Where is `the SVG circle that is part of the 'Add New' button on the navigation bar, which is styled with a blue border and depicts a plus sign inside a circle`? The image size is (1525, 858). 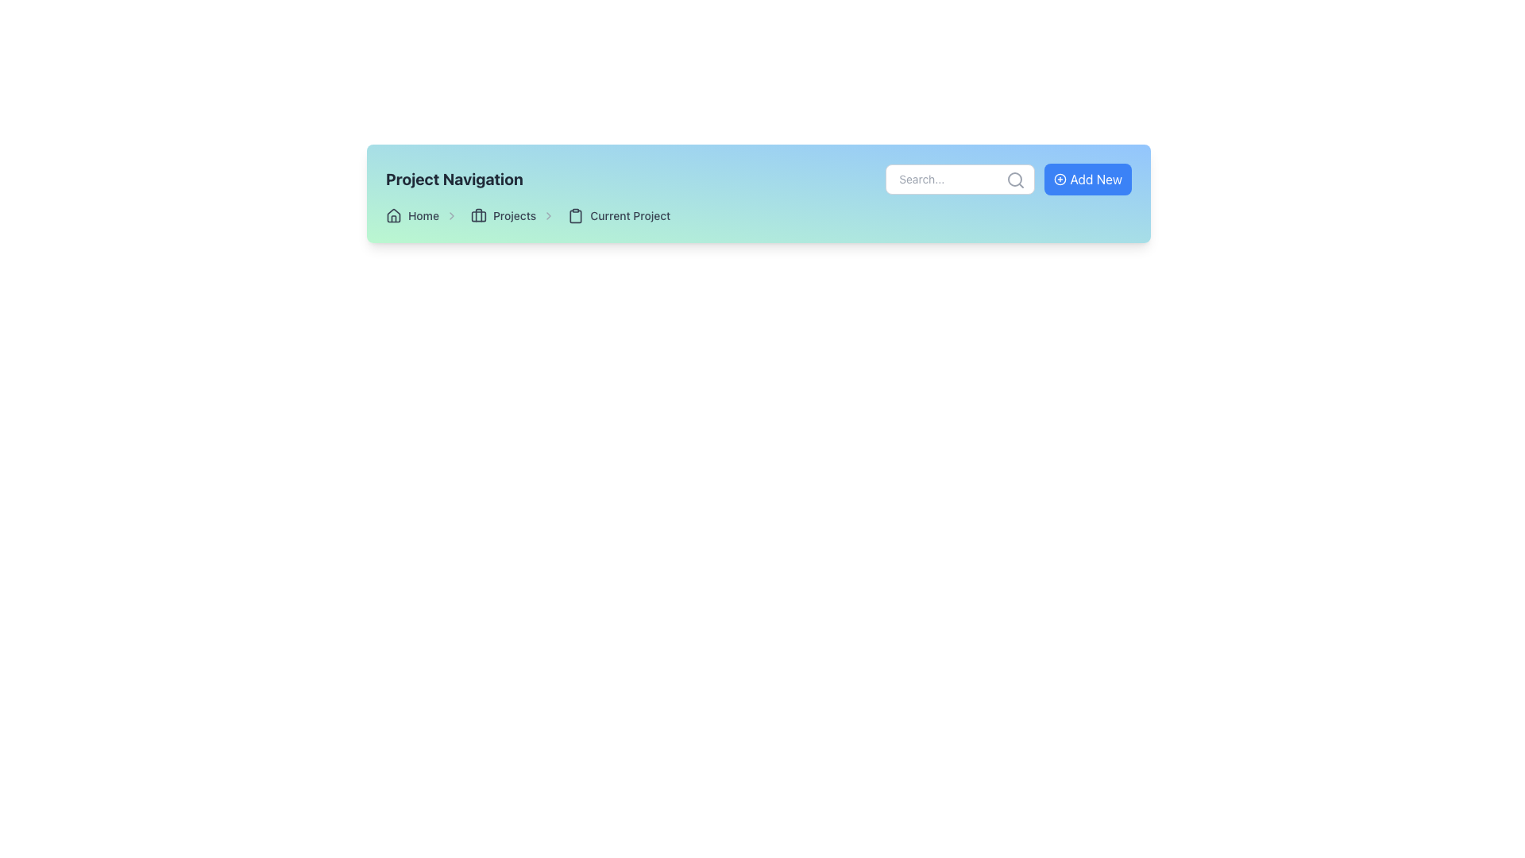 the SVG circle that is part of the 'Add New' button on the navigation bar, which is styled with a blue border and depicts a plus sign inside a circle is located at coordinates (1060, 179).